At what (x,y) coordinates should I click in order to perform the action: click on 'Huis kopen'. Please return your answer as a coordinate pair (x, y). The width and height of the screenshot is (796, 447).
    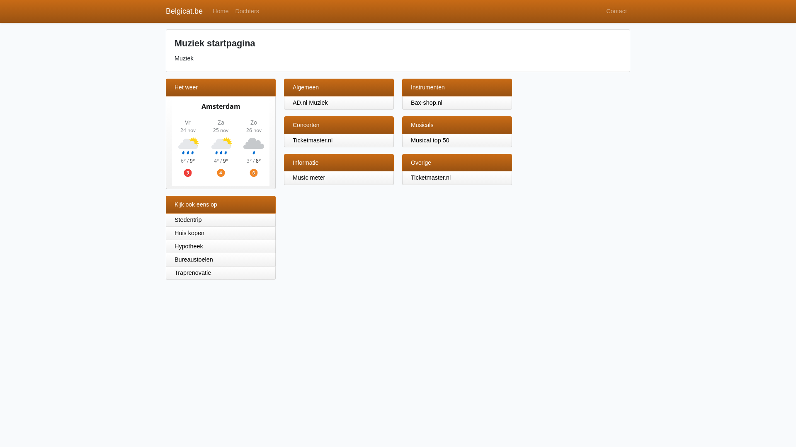
    Looking at the image, I should click on (221, 233).